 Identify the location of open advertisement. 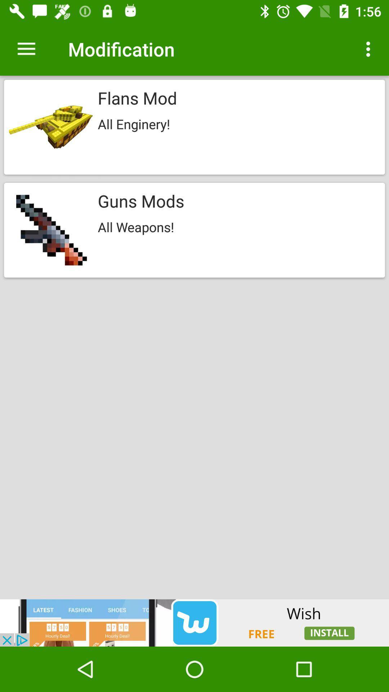
(194, 622).